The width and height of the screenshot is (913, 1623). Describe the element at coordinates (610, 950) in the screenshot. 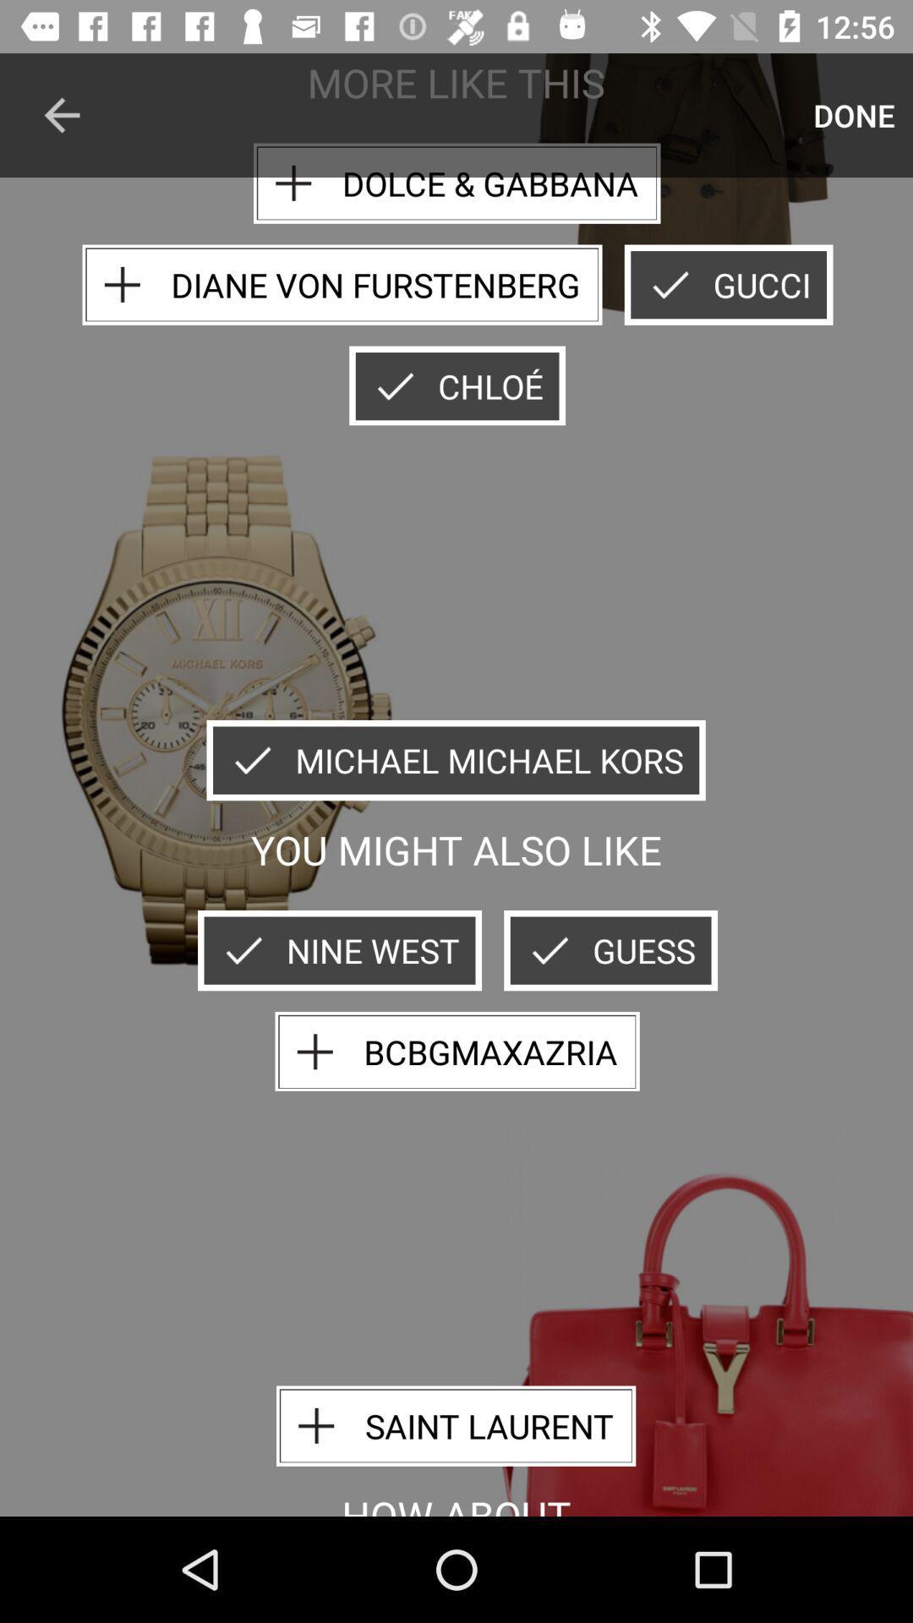

I see `guess on the right` at that location.